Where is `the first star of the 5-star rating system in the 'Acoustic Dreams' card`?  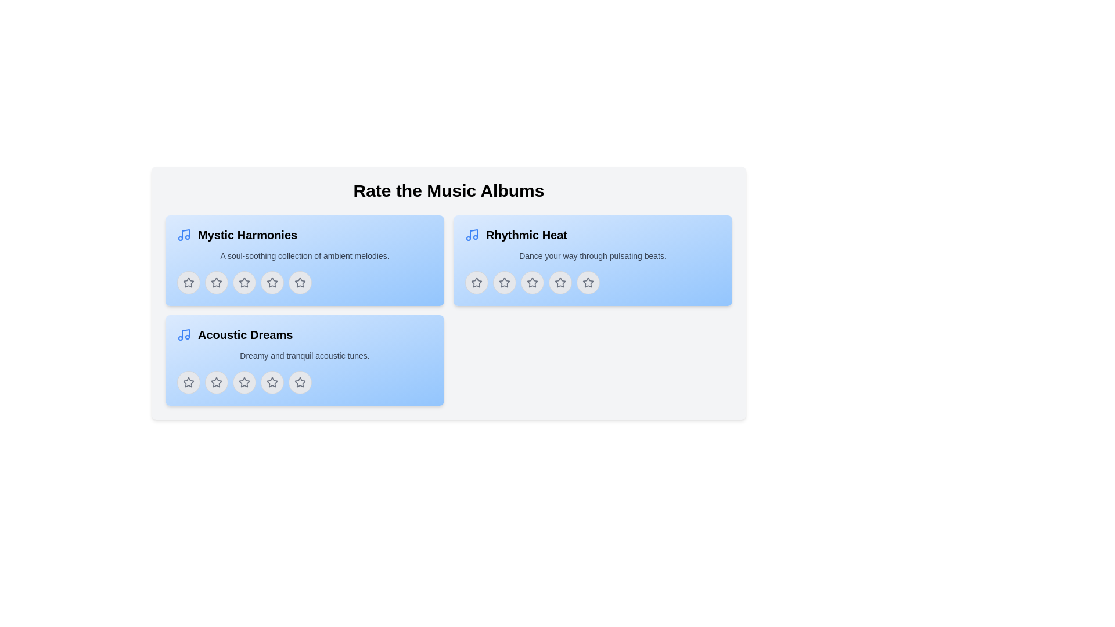 the first star of the 5-star rating system in the 'Acoustic Dreams' card is located at coordinates (189, 383).